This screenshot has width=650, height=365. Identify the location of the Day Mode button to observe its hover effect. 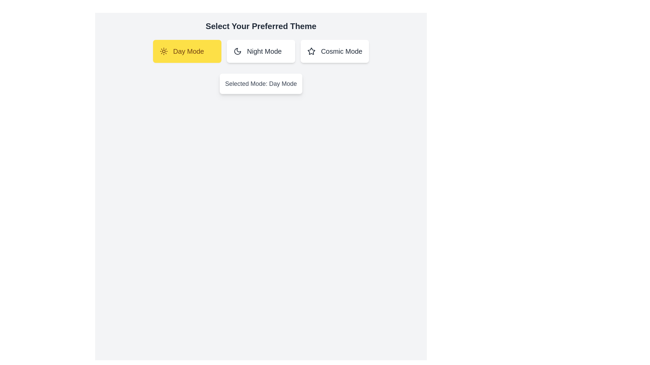
(187, 51).